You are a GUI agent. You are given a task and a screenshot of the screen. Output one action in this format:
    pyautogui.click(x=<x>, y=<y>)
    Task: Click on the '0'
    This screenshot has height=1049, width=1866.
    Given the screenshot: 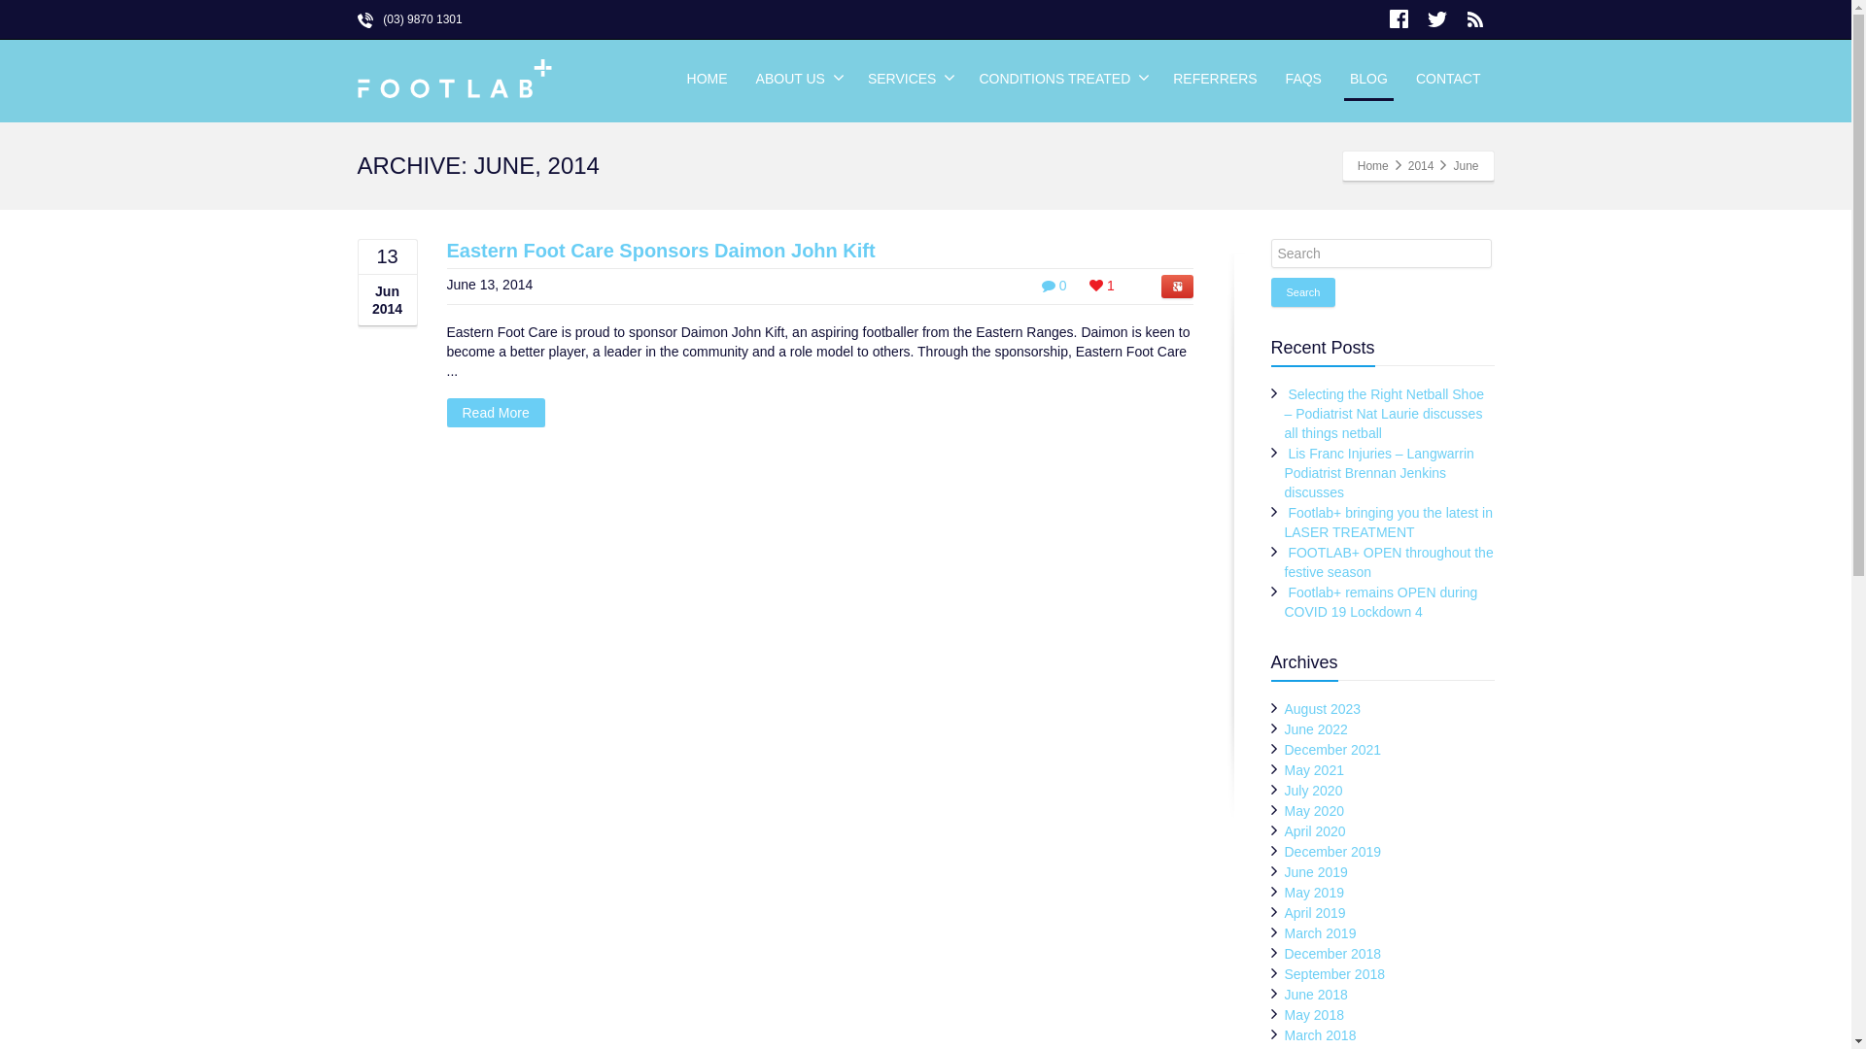 What is the action you would take?
    pyautogui.click(x=1053, y=285)
    